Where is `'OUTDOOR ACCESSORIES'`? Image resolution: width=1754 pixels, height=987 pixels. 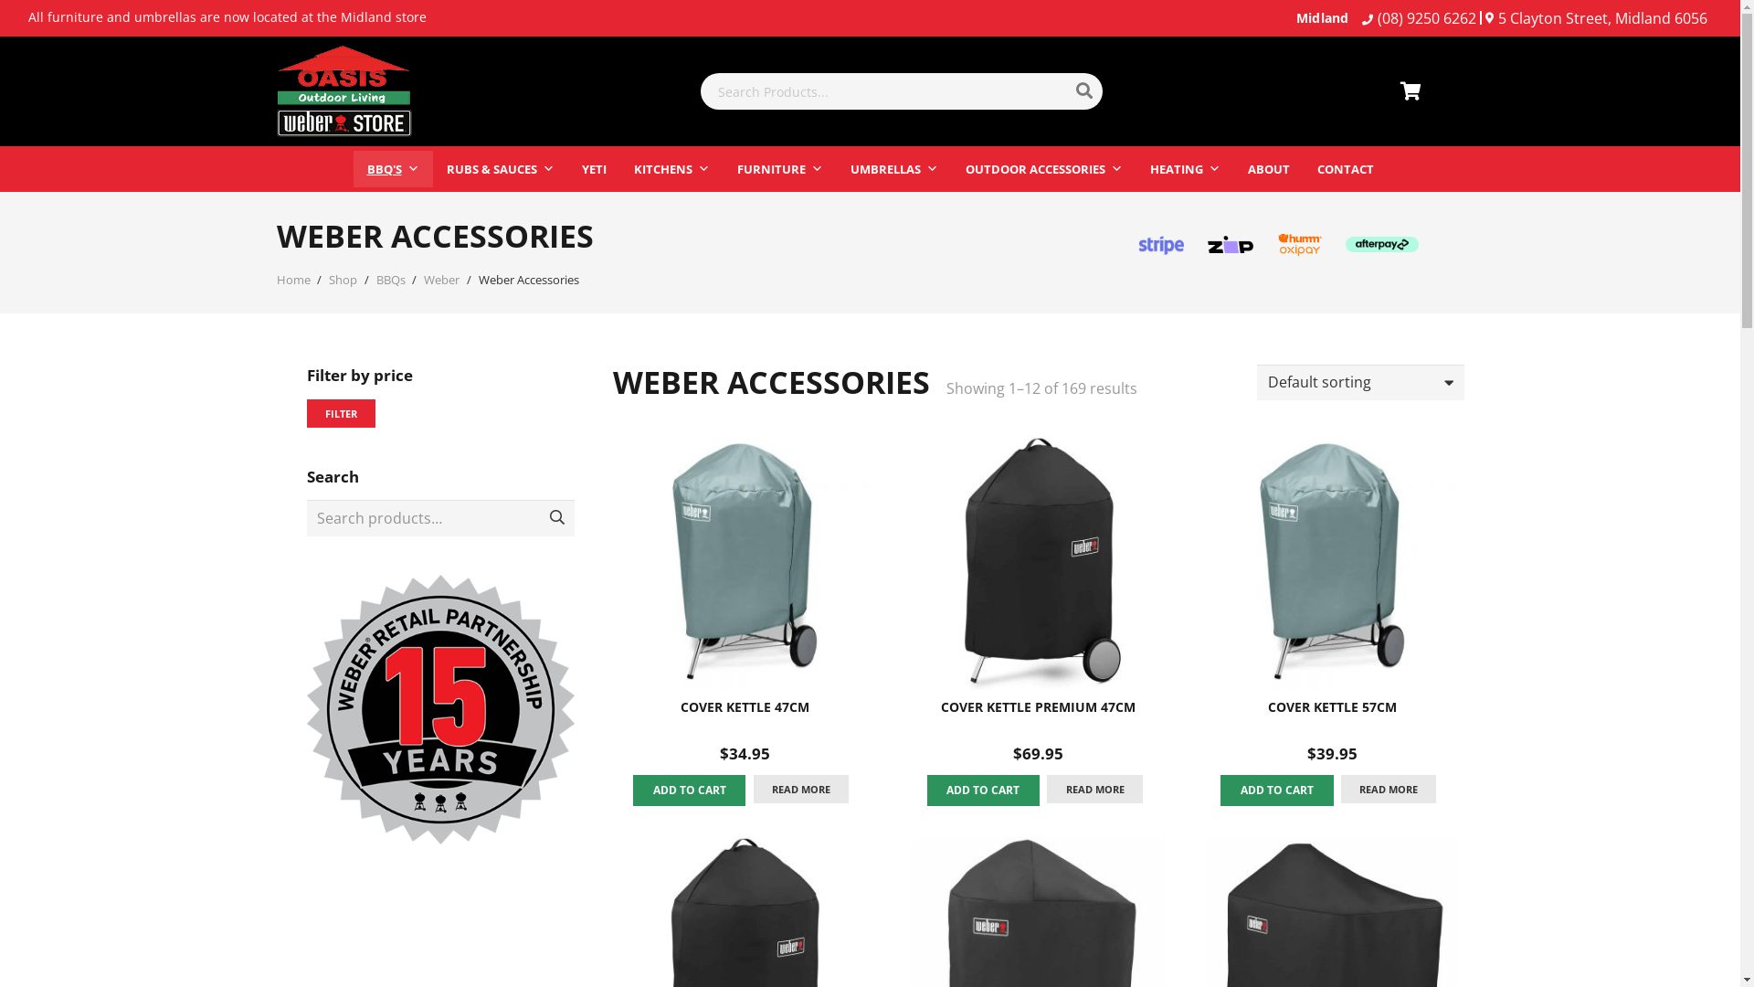
'OUTDOOR ACCESSORIES' is located at coordinates (1043, 169).